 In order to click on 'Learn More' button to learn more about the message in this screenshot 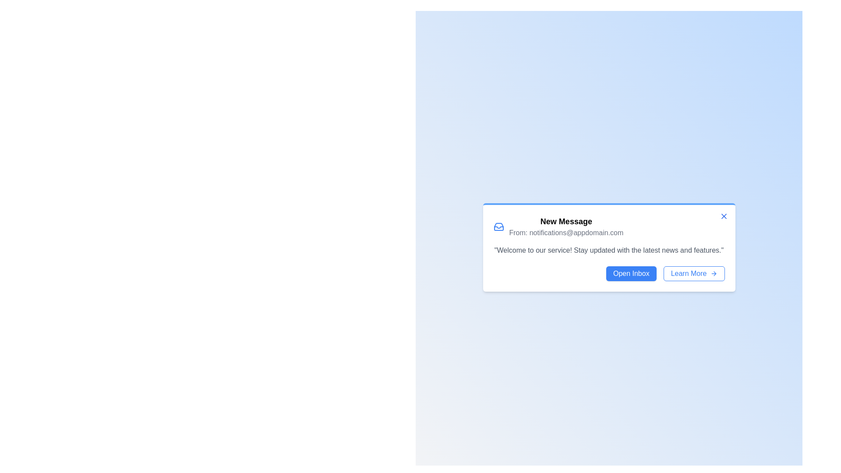, I will do `click(693, 273)`.